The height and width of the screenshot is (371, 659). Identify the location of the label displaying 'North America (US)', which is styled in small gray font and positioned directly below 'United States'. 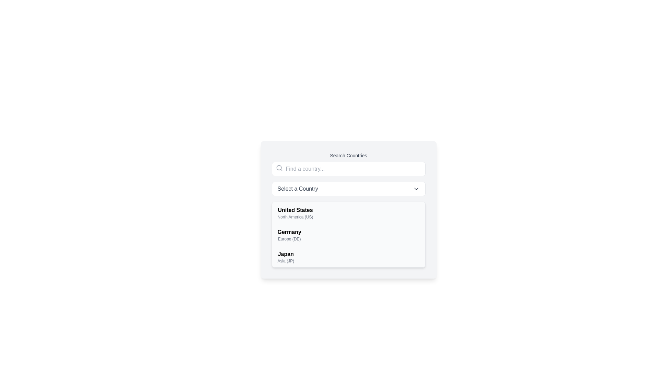
(295, 217).